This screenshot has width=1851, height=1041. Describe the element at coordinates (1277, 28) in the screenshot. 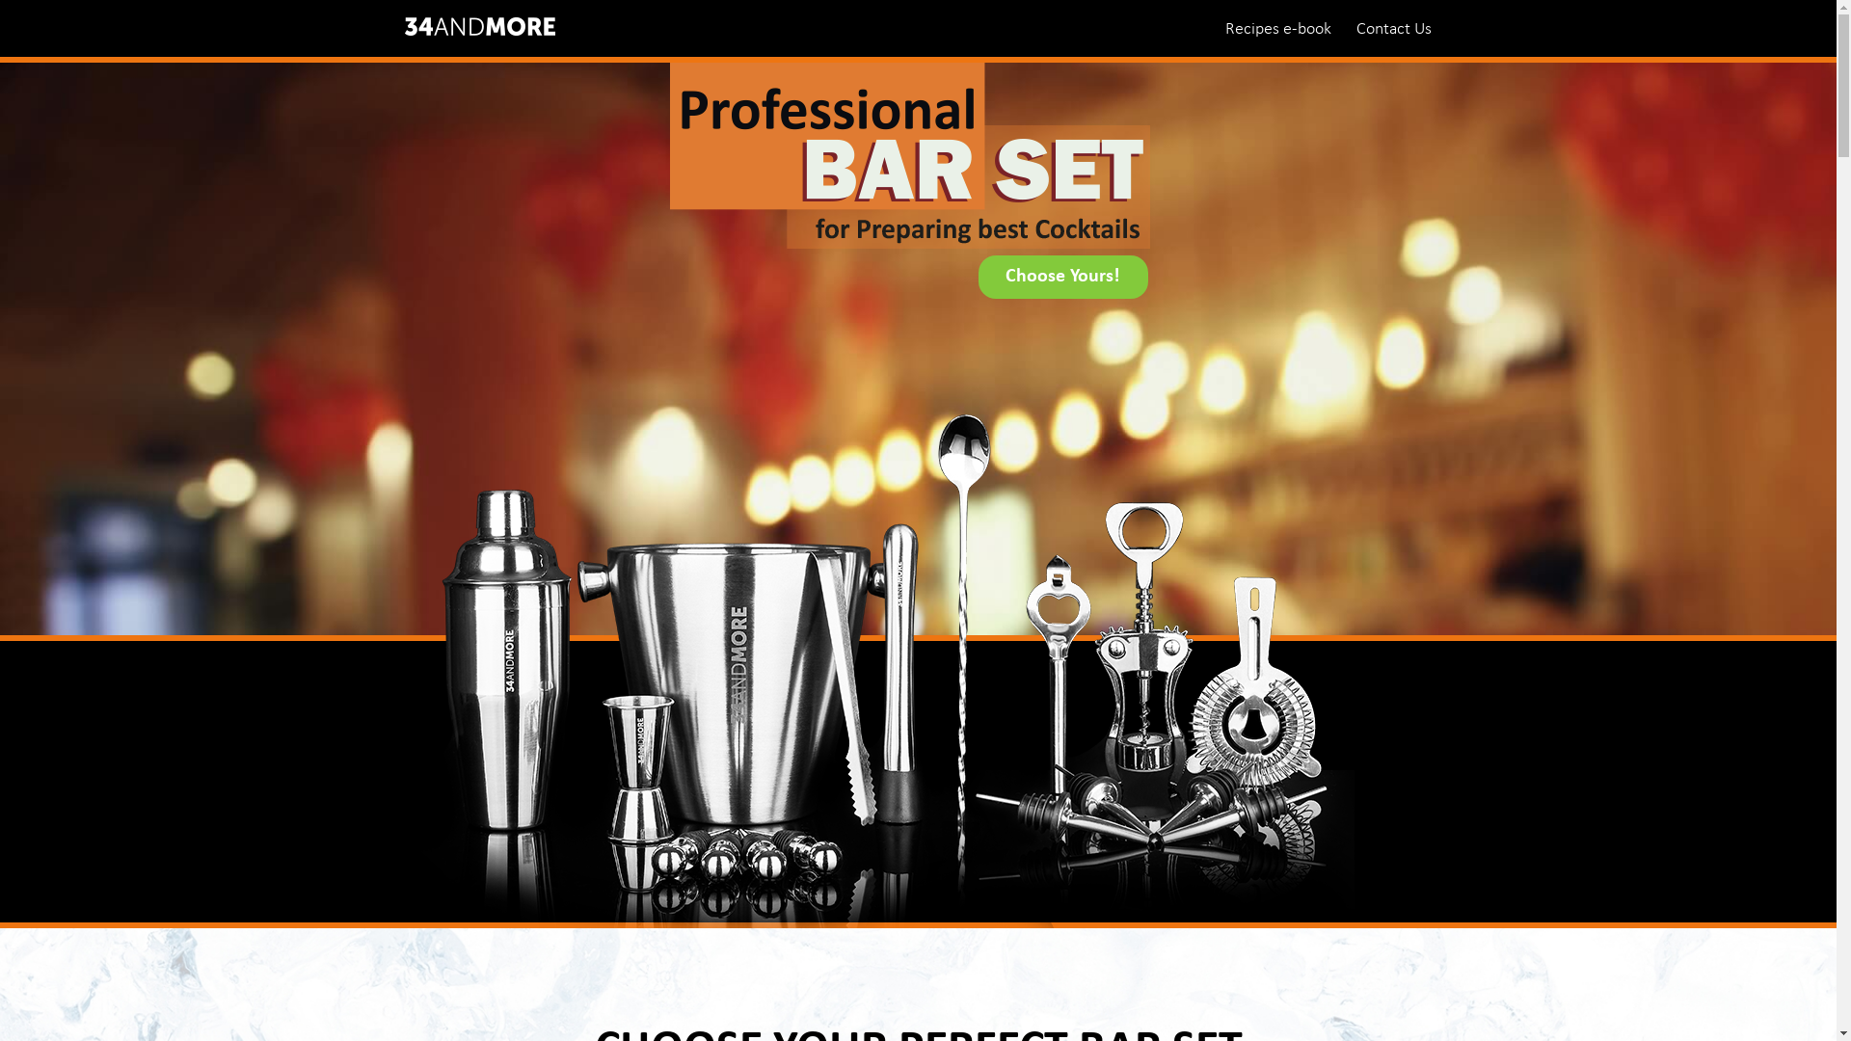

I see `'Recipes e-book'` at that location.